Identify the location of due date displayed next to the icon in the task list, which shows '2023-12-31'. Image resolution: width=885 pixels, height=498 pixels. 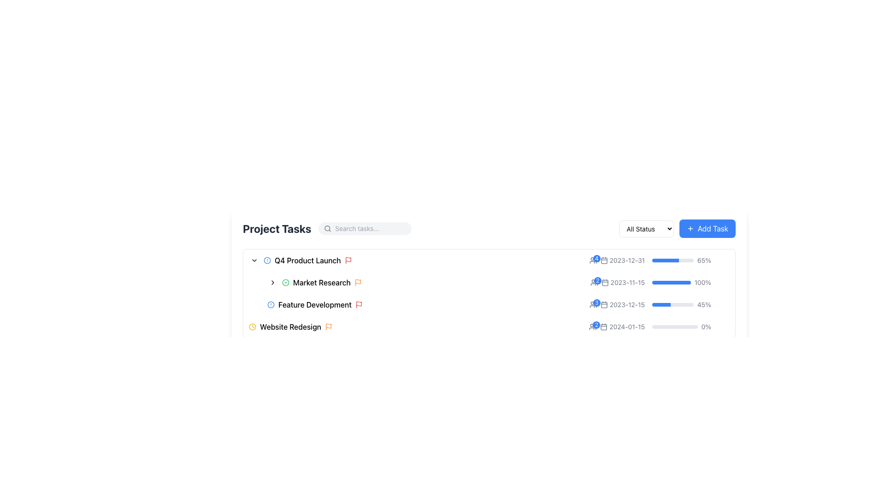
(617, 260).